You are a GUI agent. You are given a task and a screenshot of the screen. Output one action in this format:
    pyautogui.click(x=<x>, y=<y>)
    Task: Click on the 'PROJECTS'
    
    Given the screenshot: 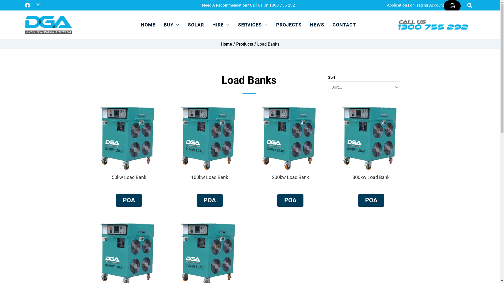 What is the action you would take?
    pyautogui.click(x=288, y=25)
    